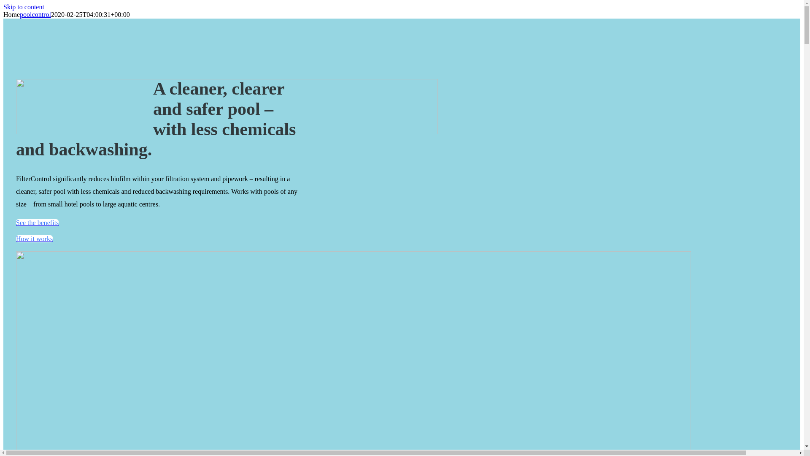 The width and height of the screenshot is (810, 456). Describe the element at coordinates (16, 106) in the screenshot. I see `'FIlterControl_Logo'` at that location.